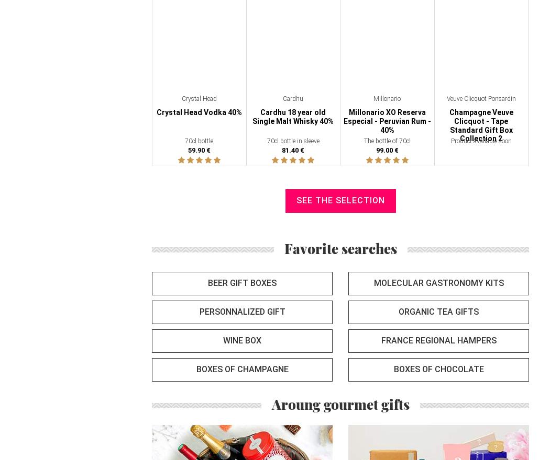 Image resolution: width=550 pixels, height=460 pixels. I want to click on 'Personnalized gift', so click(242, 311).